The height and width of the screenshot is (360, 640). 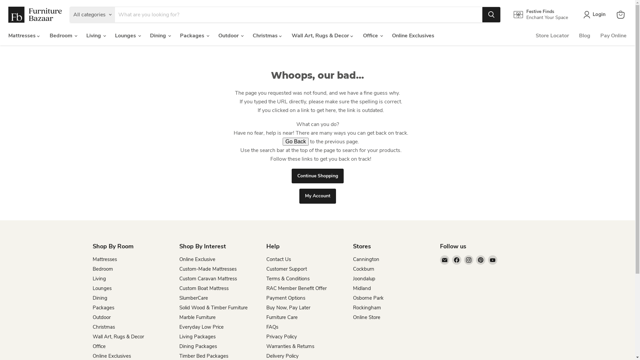 I want to click on 'Lounges', so click(x=102, y=288).